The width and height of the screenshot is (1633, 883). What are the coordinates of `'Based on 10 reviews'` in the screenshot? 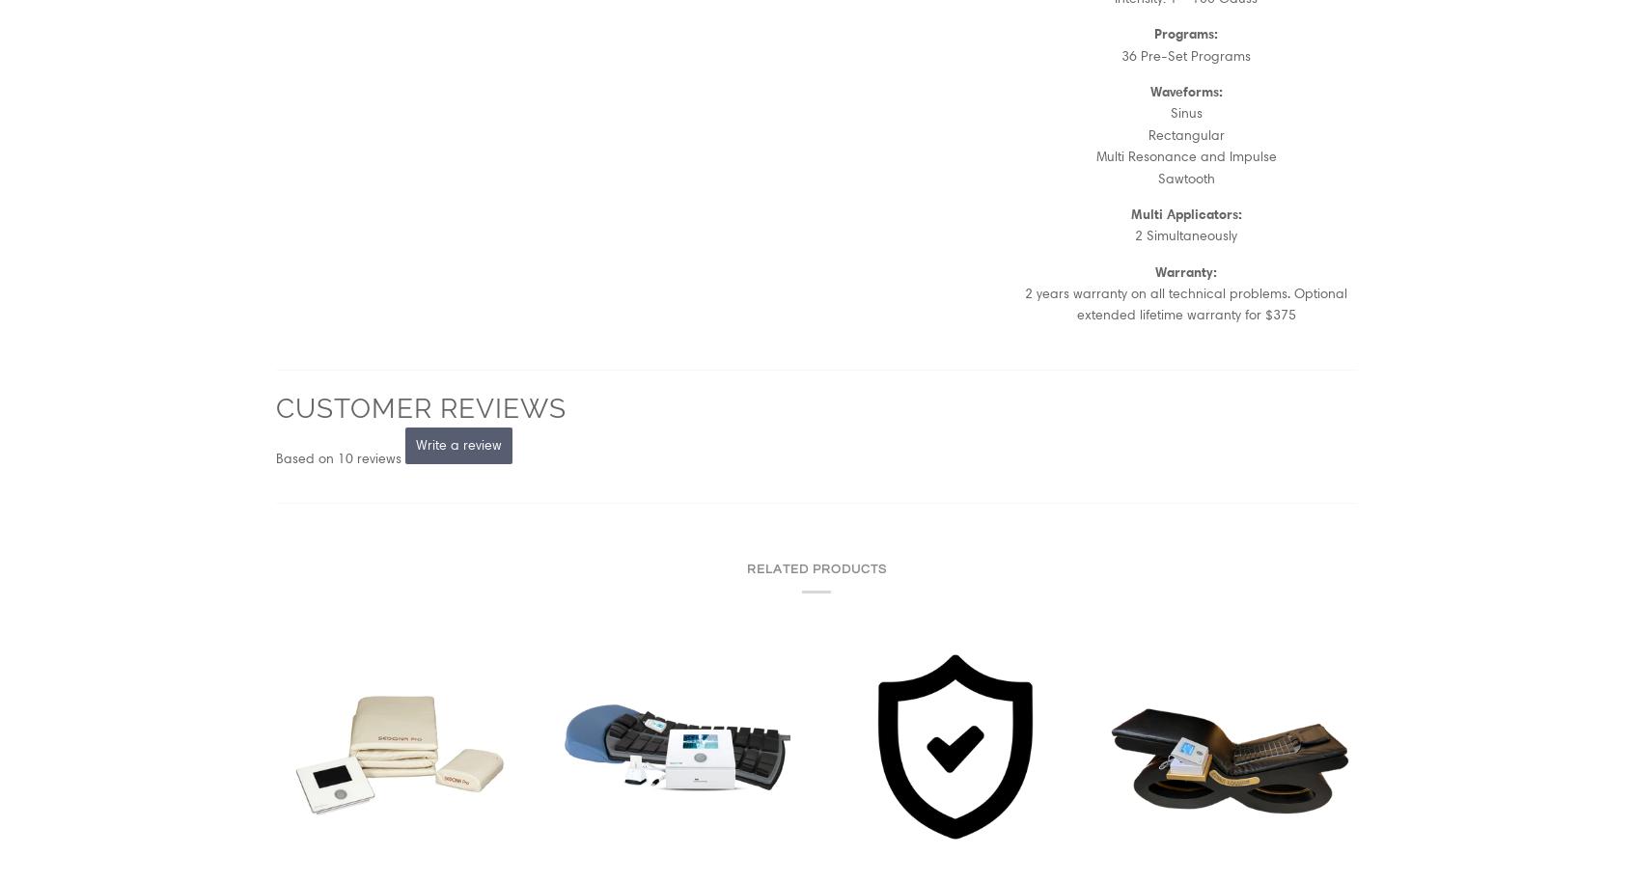 It's located at (337, 456).